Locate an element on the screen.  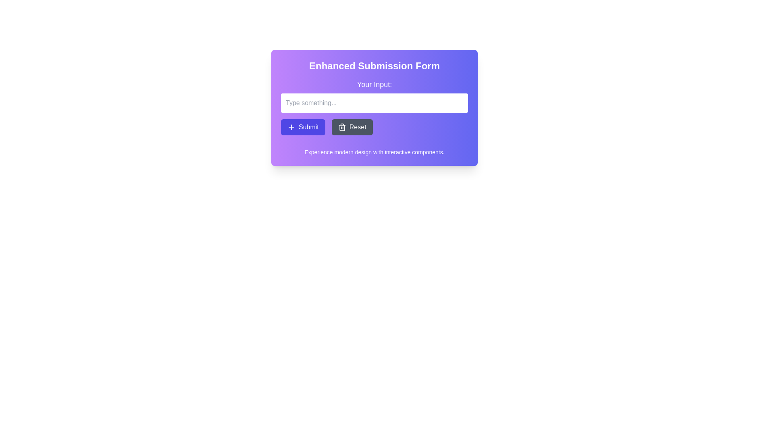
the 'Submit' button in the 'Enhanced Submission Form' to observe the color change effect is located at coordinates (302, 127).